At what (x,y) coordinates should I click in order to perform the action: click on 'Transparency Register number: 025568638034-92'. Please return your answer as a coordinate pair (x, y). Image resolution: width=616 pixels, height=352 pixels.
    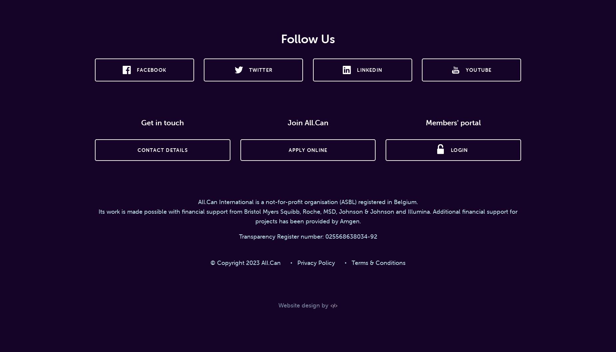
    Looking at the image, I should click on (308, 236).